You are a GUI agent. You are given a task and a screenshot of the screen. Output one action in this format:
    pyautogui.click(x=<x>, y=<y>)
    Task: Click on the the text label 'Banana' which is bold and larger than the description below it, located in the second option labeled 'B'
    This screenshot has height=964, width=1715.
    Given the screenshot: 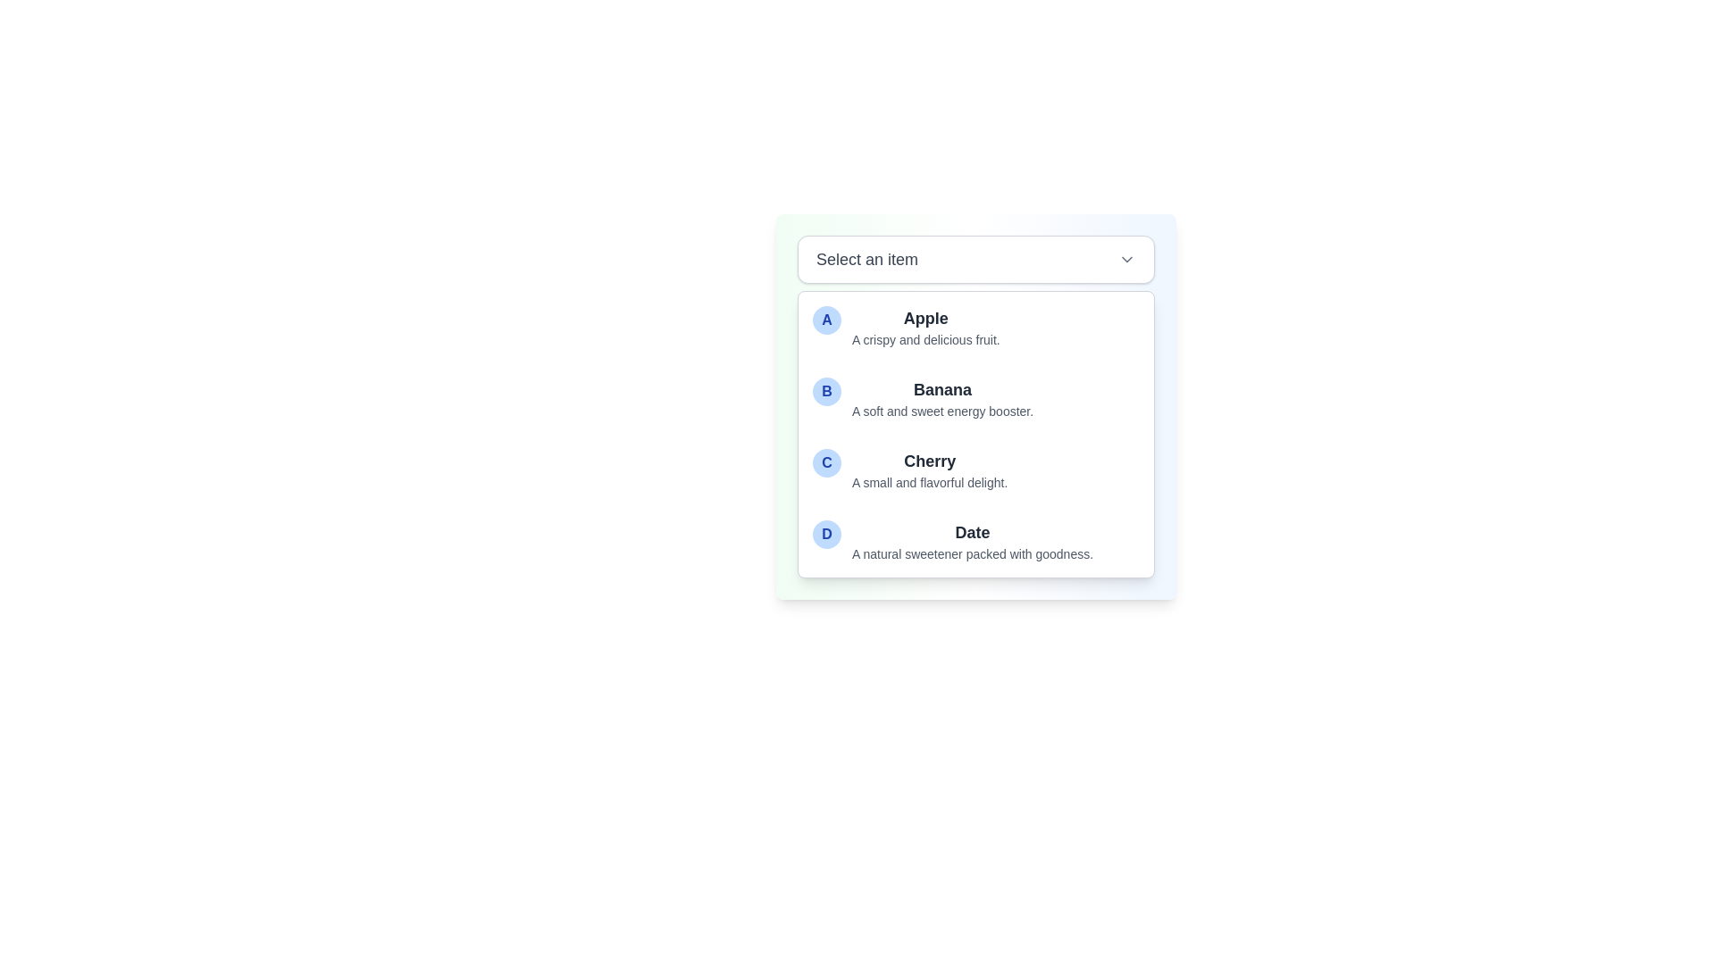 What is the action you would take?
    pyautogui.click(x=941, y=388)
    